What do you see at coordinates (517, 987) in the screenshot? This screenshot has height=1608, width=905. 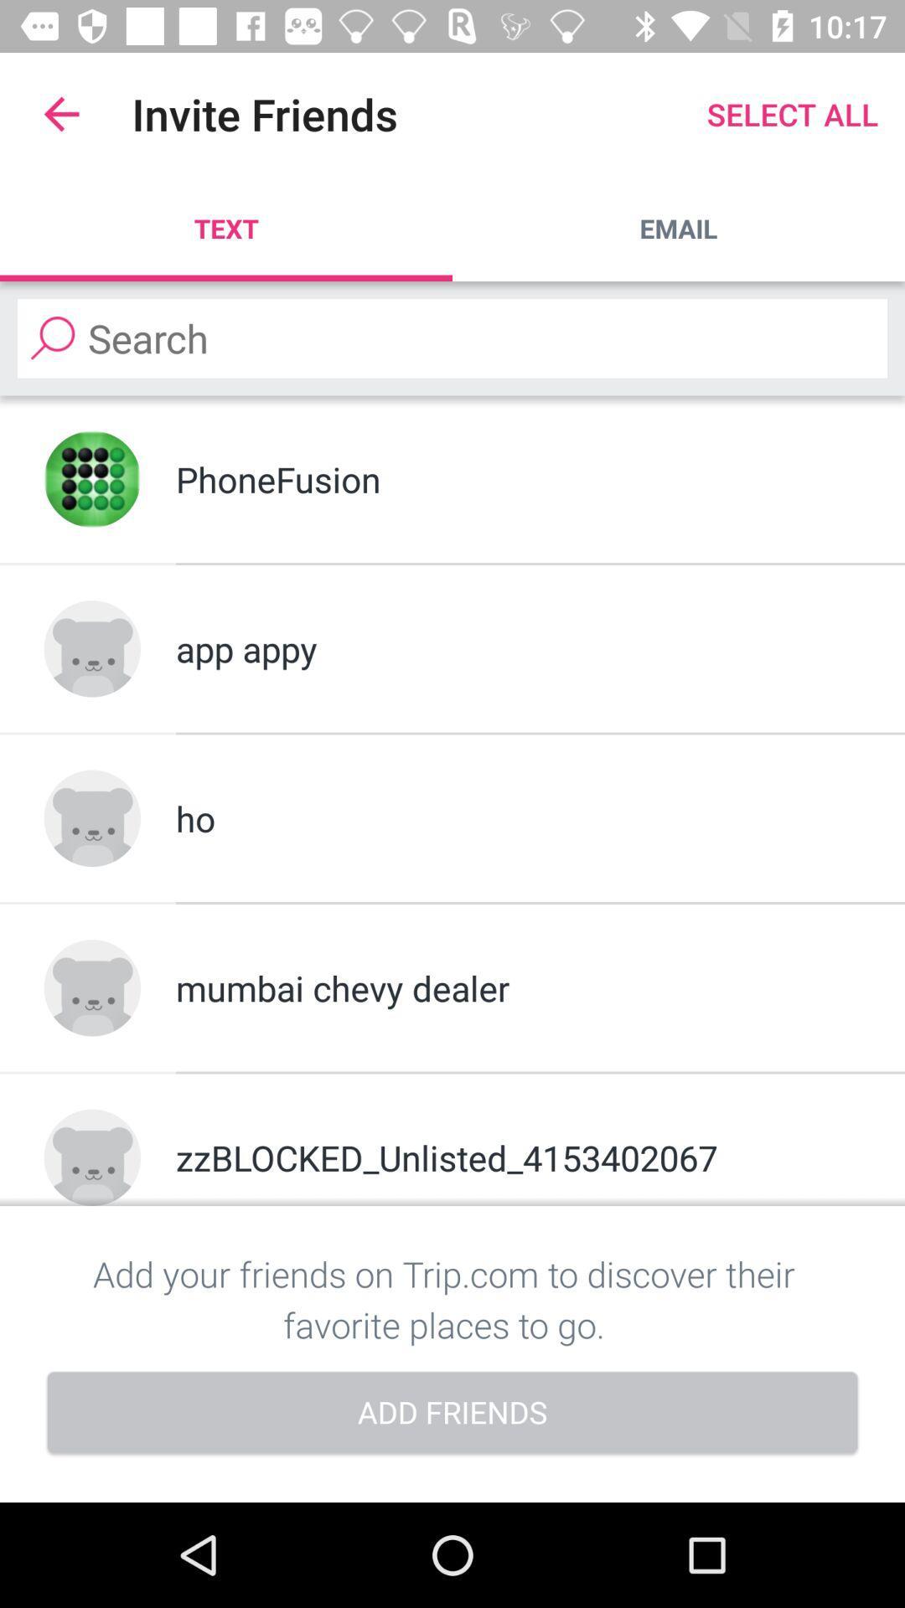 I see `mumbai chevy dealer icon` at bounding box center [517, 987].